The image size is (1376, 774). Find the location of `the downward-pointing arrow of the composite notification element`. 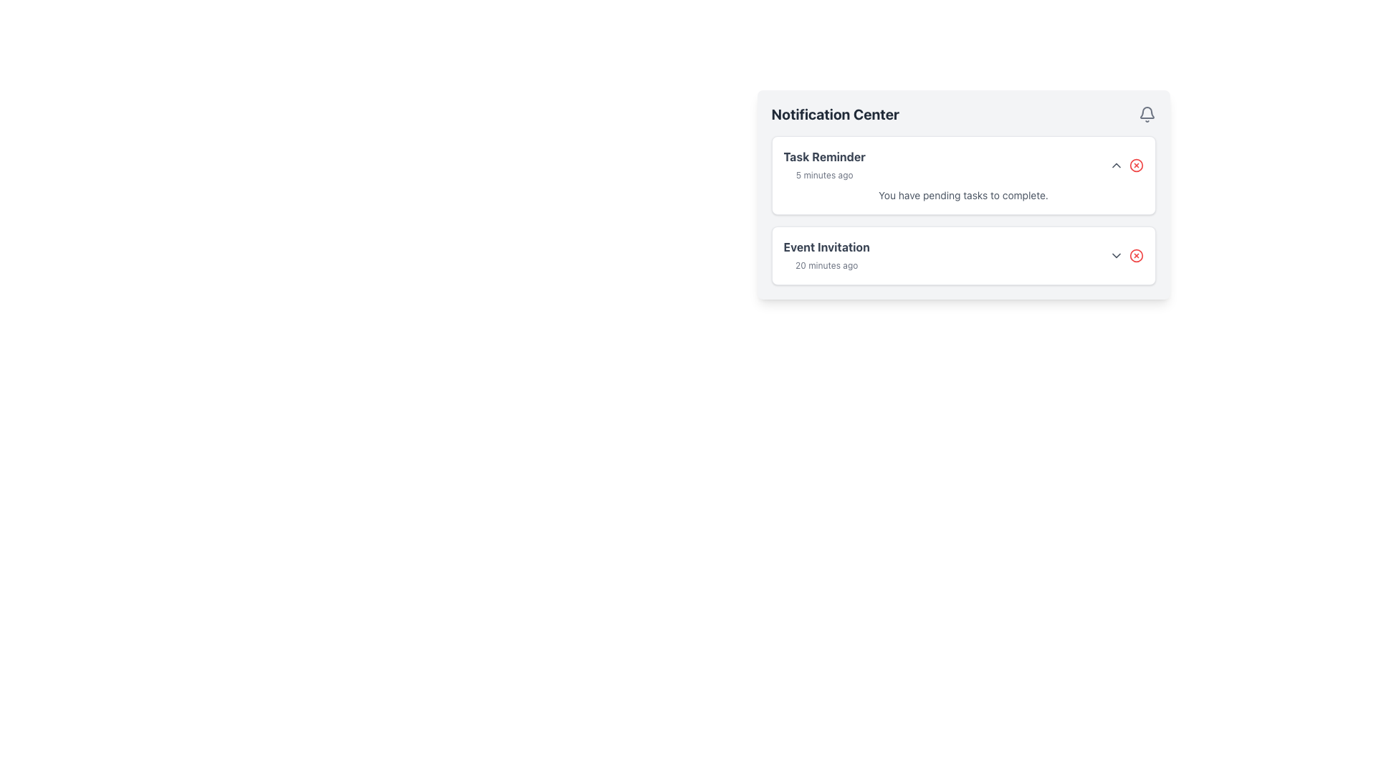

the downward-pointing arrow of the composite notification element is located at coordinates (1125, 255).